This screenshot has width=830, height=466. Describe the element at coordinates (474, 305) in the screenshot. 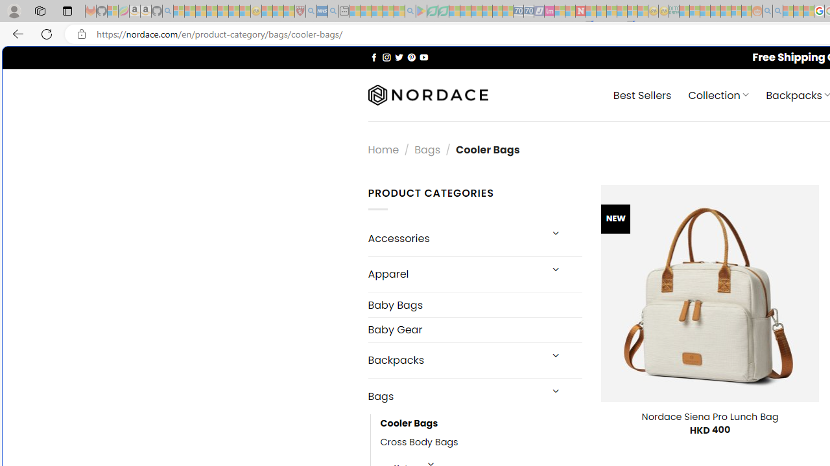

I see `'Baby Bags'` at that location.